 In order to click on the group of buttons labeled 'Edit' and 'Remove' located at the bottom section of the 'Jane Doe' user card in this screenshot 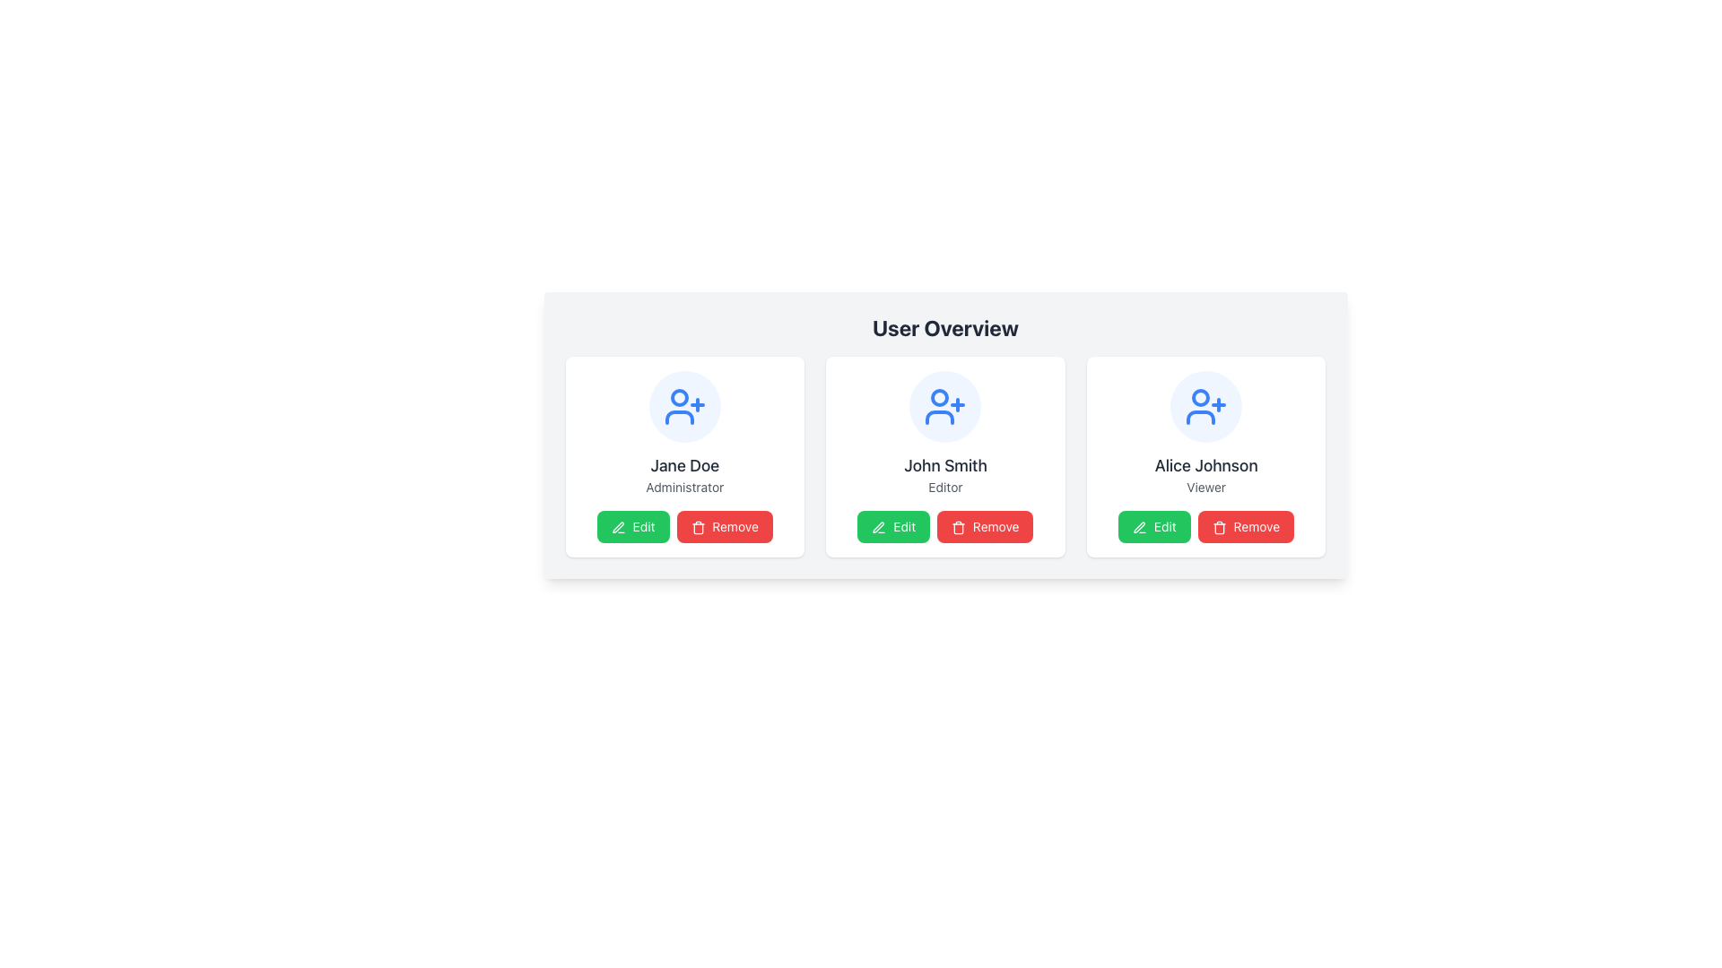, I will do `click(683, 525)`.